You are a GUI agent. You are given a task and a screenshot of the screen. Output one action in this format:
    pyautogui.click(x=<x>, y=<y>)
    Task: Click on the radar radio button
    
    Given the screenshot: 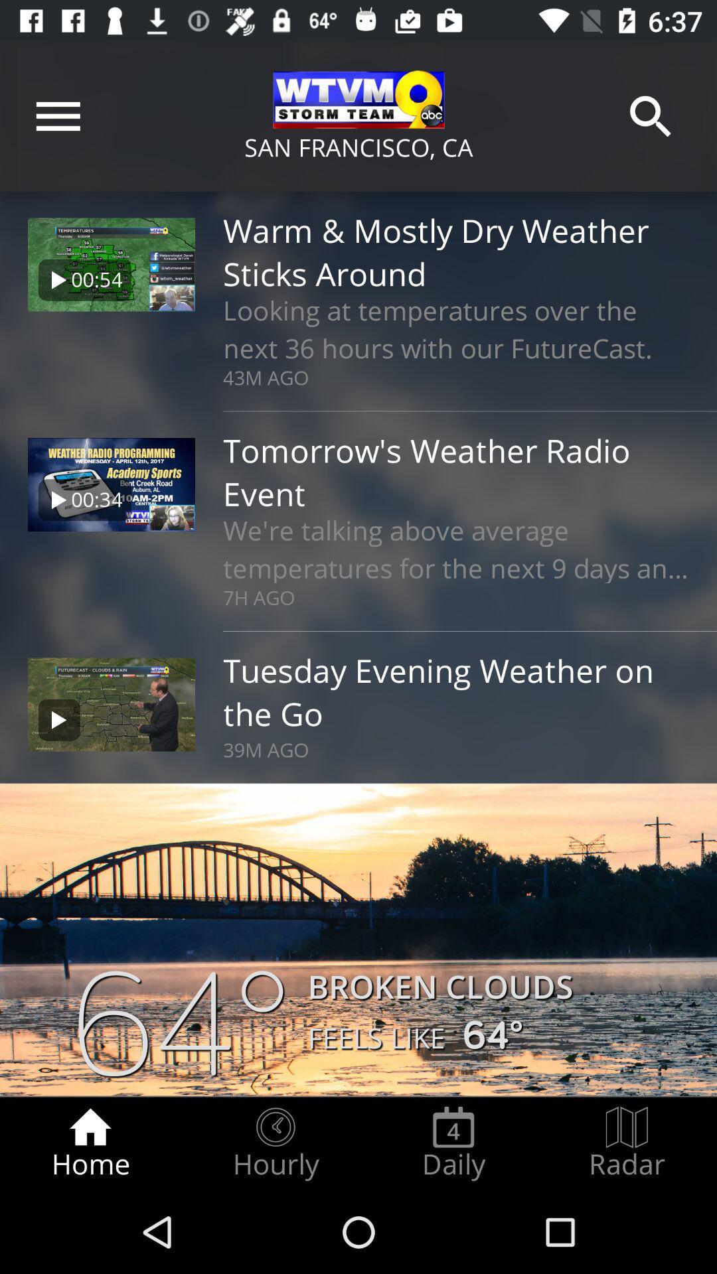 What is the action you would take?
    pyautogui.click(x=627, y=1143)
    